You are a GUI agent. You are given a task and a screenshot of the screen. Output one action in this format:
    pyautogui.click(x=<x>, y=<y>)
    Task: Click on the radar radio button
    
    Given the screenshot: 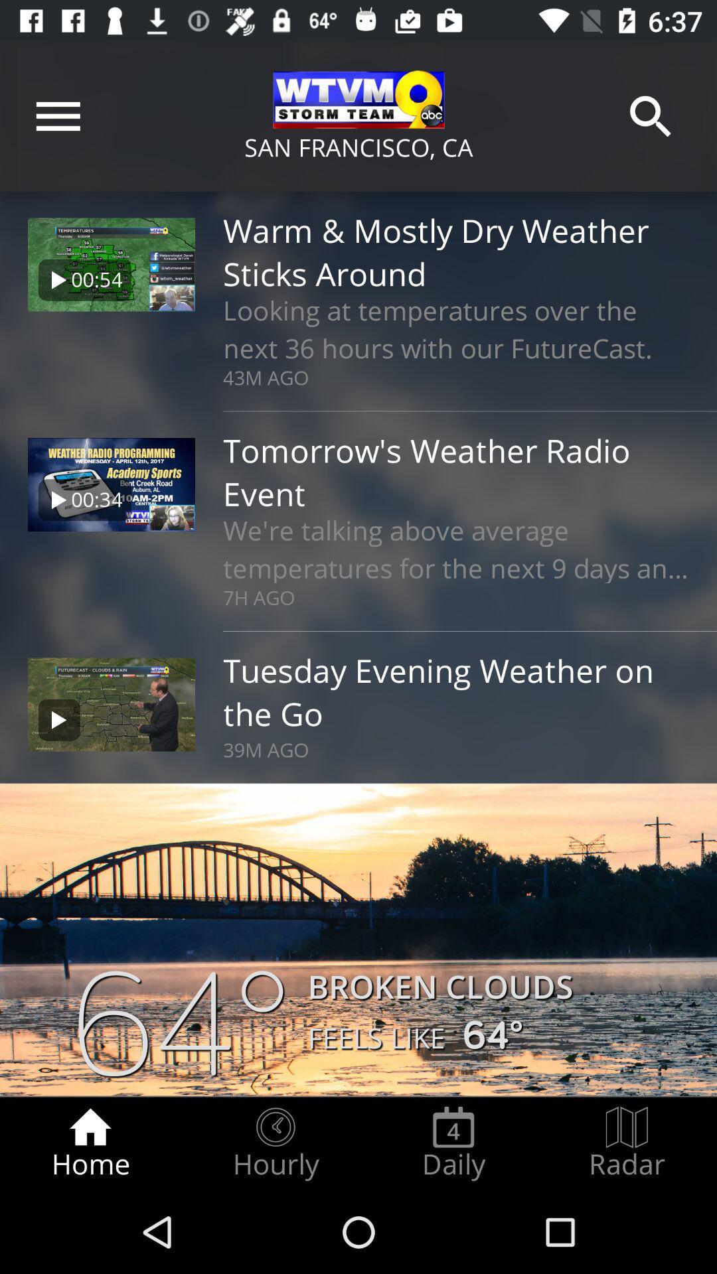 What is the action you would take?
    pyautogui.click(x=627, y=1143)
    